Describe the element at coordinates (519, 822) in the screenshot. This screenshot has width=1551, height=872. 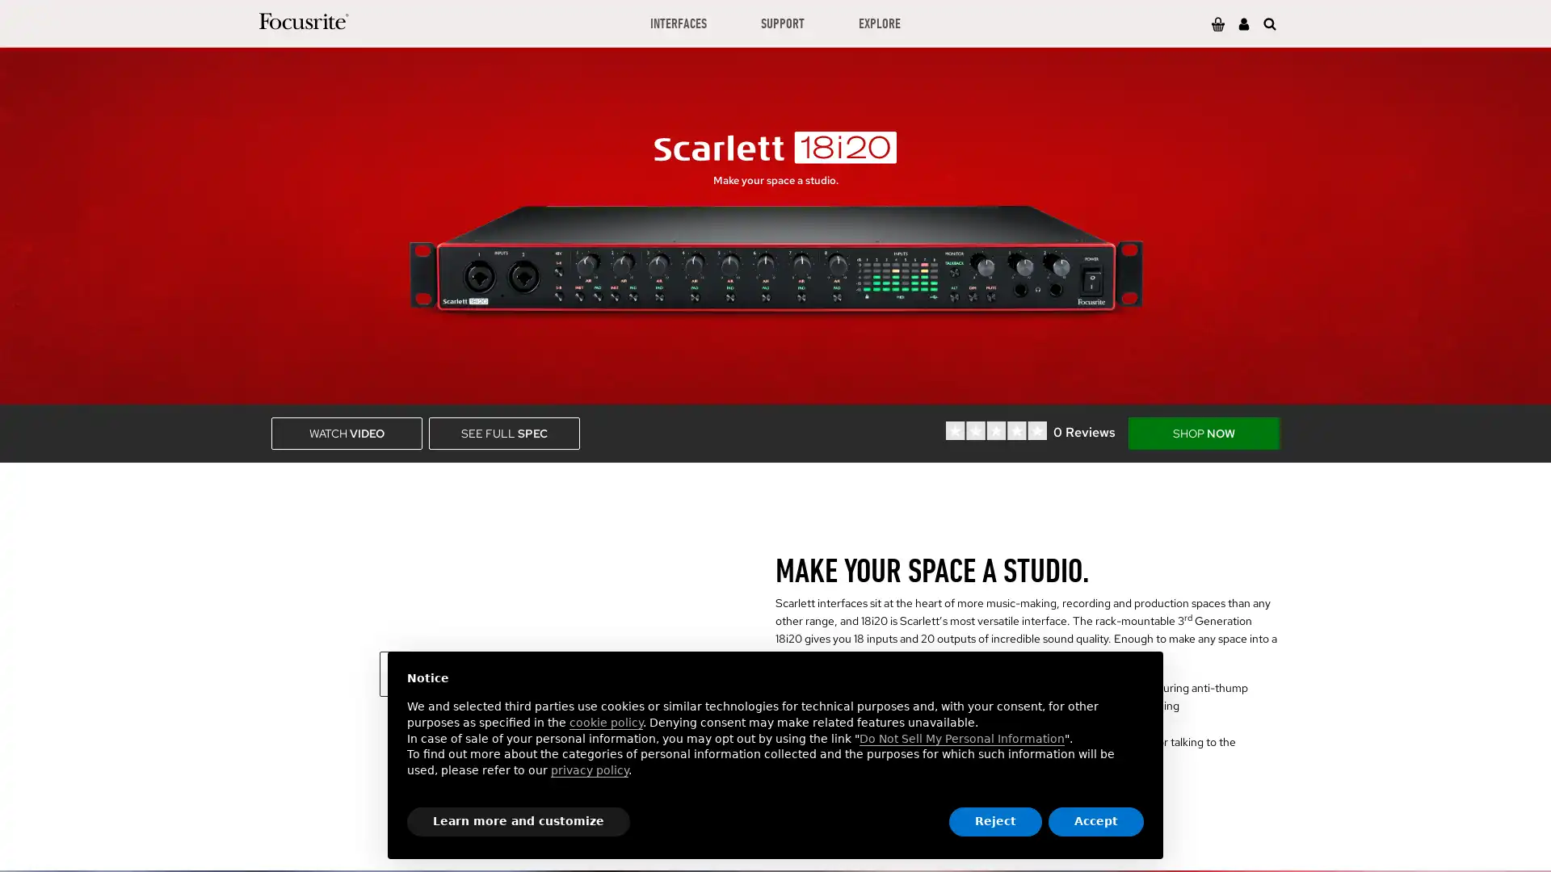
I see `Learn more and customize` at that location.